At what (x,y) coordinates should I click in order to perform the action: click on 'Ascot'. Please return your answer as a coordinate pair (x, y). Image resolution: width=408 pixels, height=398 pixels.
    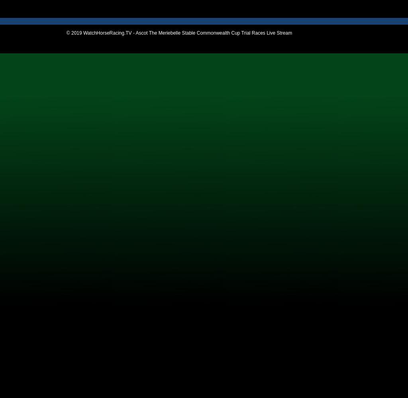
    Looking at the image, I should click on (18, 127).